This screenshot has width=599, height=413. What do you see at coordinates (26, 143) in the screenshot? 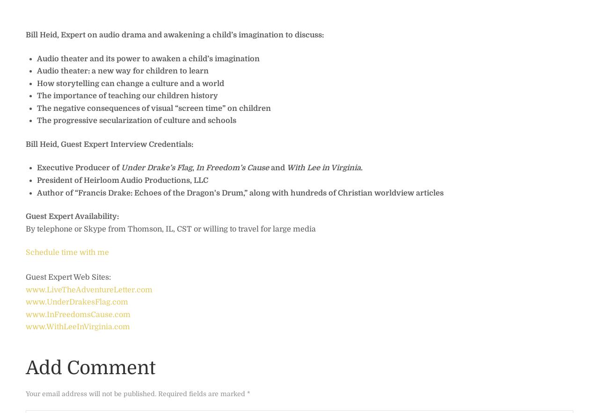
I see `'Bill Heid, Guest Expert Interview Credentials:'` at bounding box center [26, 143].